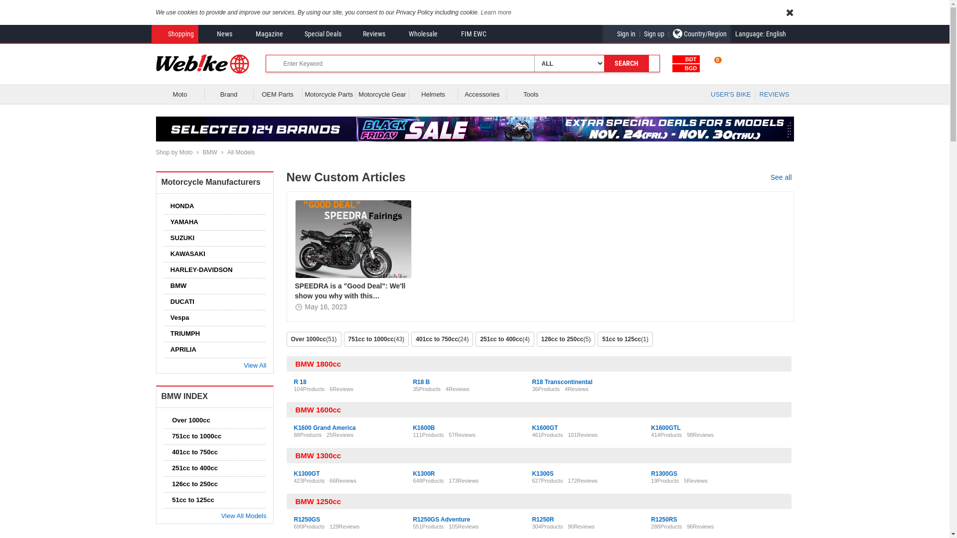 The height and width of the screenshot is (538, 957). Describe the element at coordinates (666, 526) in the screenshot. I see `'288Products'` at that location.